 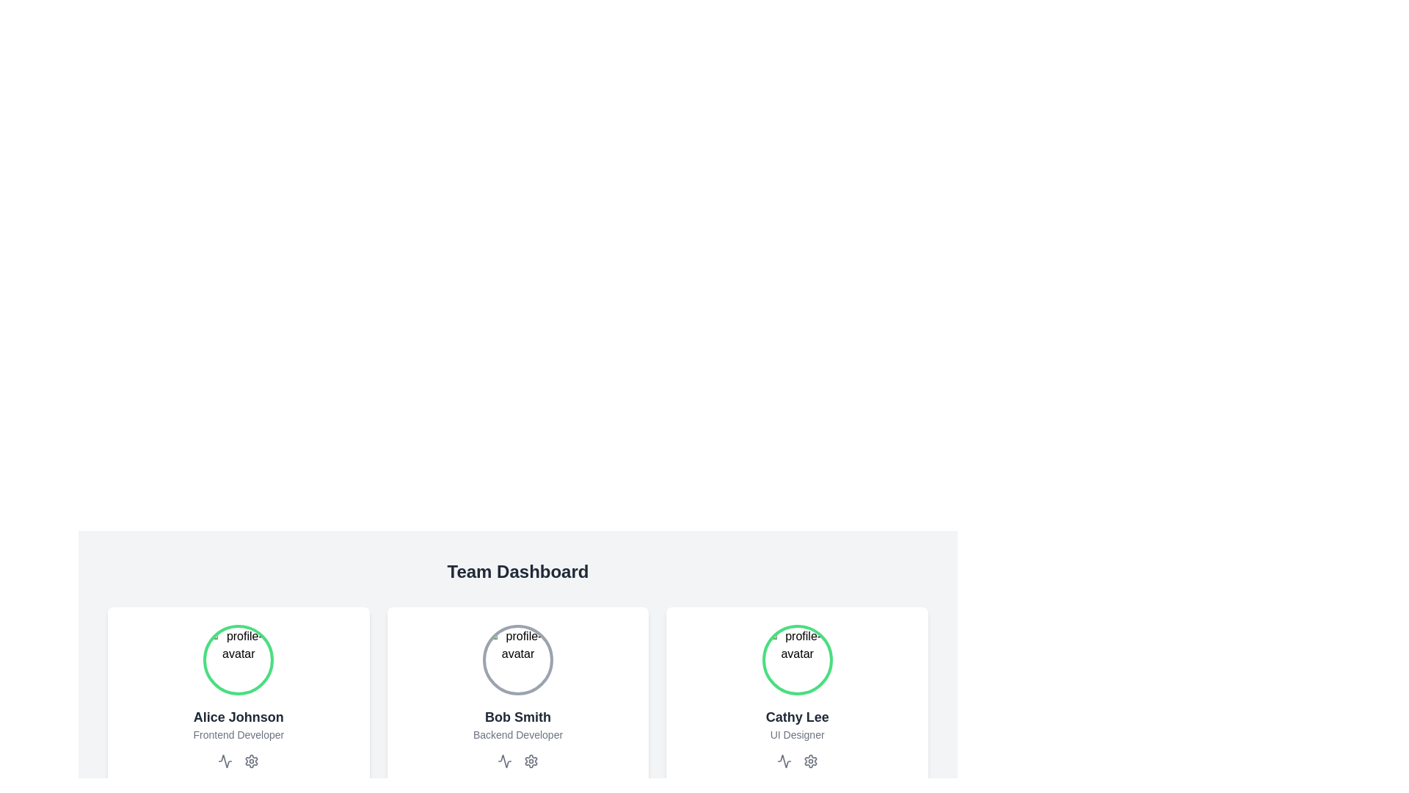 I want to click on the light gray text label reading 'Frontend Developer' located below the bolded name 'Alice Johnson' in the profile card layout on the 'Team Dashboard', so click(x=239, y=735).